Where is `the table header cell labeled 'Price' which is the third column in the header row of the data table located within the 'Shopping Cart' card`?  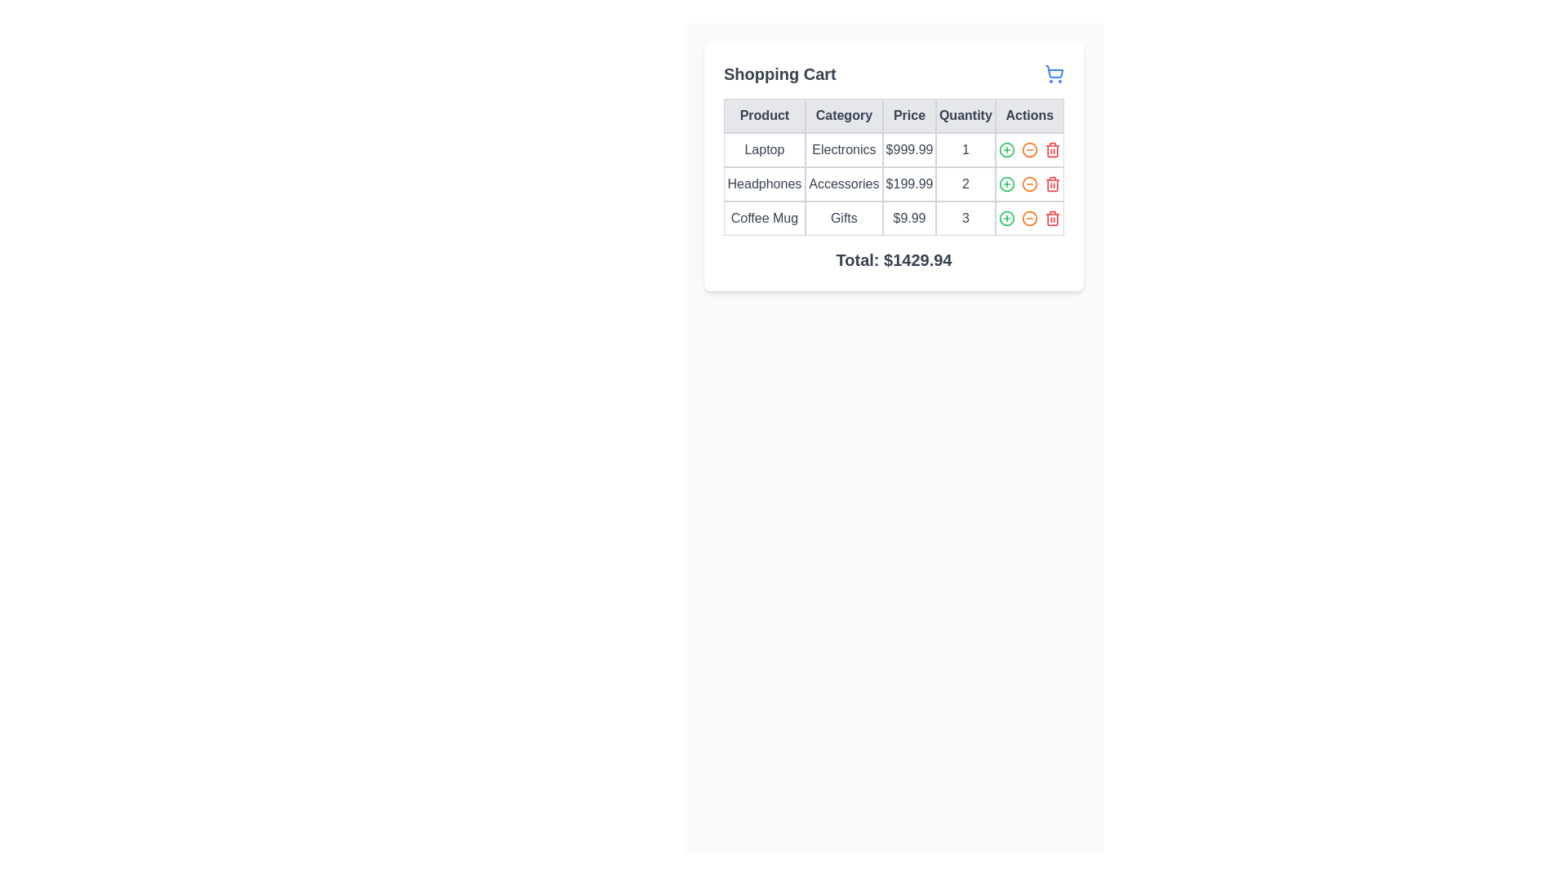
the table header cell labeled 'Price' which is the third column in the header row of the data table located within the 'Shopping Cart' card is located at coordinates (893, 115).